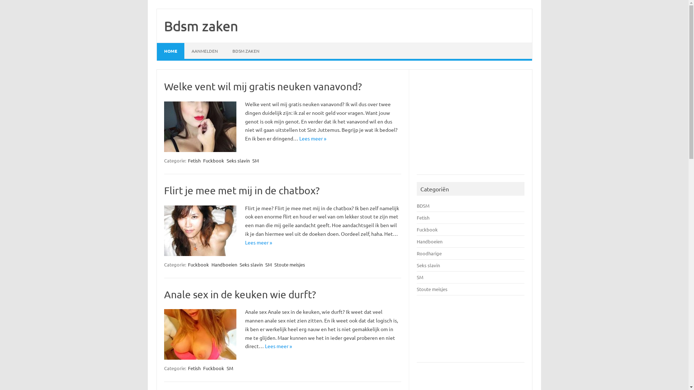 Image resolution: width=694 pixels, height=390 pixels. What do you see at coordinates (416, 253) in the screenshot?
I see `'Roodharige'` at bounding box center [416, 253].